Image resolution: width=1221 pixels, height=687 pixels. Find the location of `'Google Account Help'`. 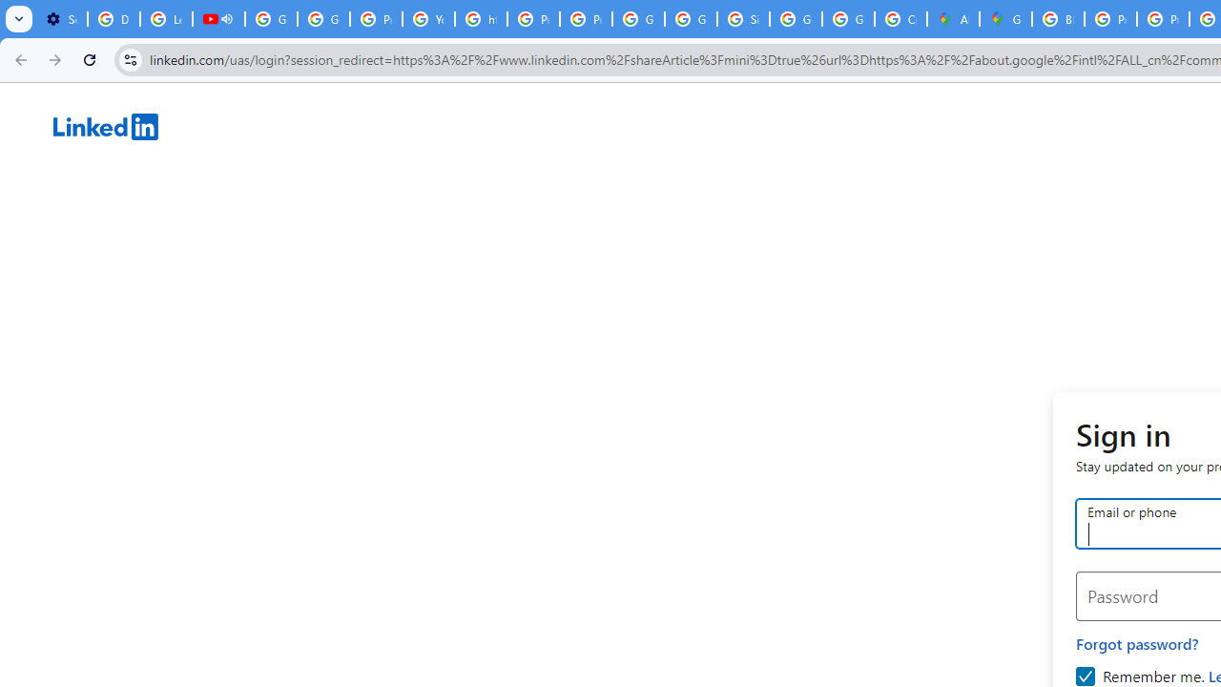

'Google Account Help' is located at coordinates (270, 19).